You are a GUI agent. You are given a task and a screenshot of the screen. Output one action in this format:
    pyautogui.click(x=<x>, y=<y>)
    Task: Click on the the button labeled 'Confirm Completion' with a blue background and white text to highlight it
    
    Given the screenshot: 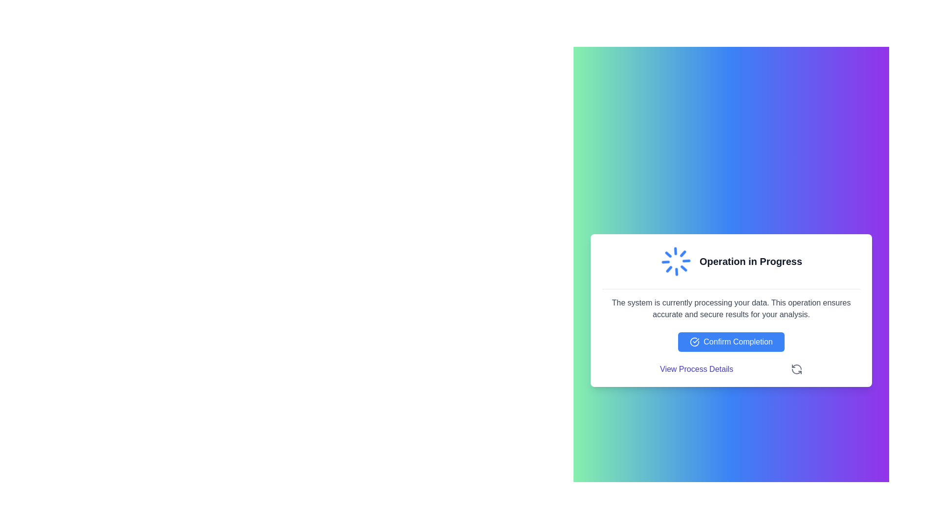 What is the action you would take?
    pyautogui.click(x=731, y=341)
    